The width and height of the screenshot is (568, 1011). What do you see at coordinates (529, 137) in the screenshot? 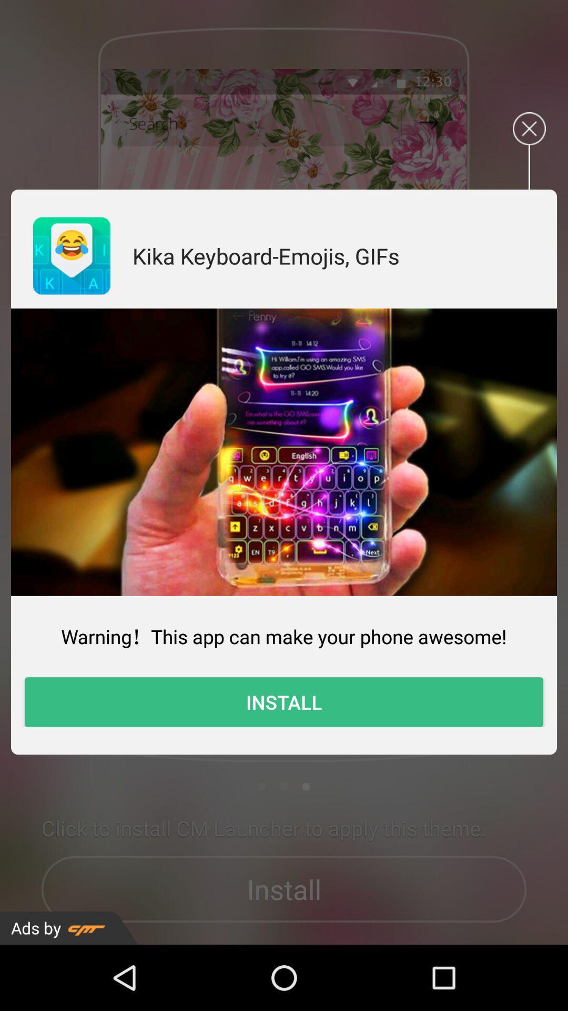
I see `the close icon` at bounding box center [529, 137].